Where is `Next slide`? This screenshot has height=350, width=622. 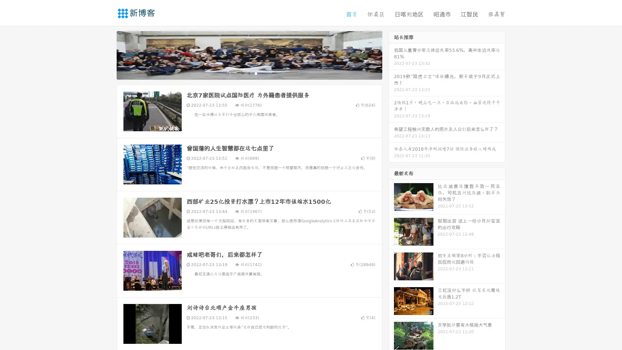 Next slide is located at coordinates (391, 54).